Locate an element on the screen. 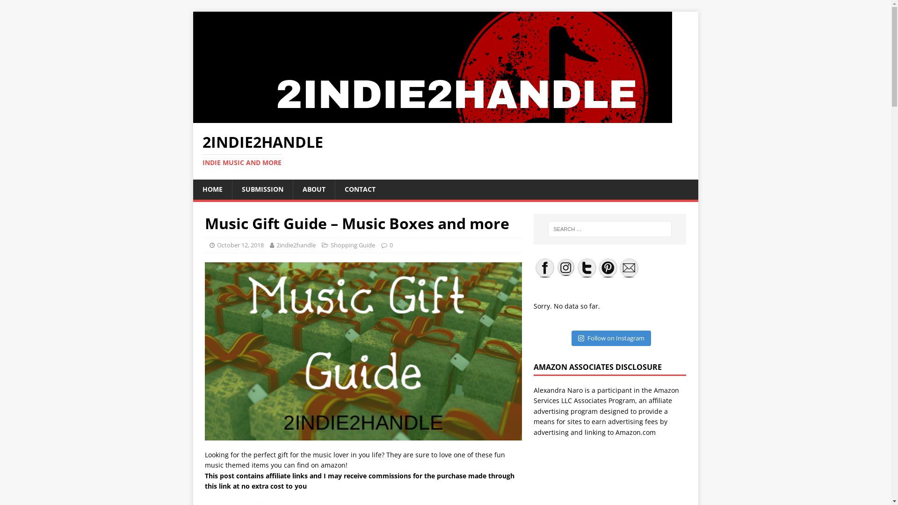 This screenshot has width=898, height=505. 'Follow on Instagram' is located at coordinates (611, 339).